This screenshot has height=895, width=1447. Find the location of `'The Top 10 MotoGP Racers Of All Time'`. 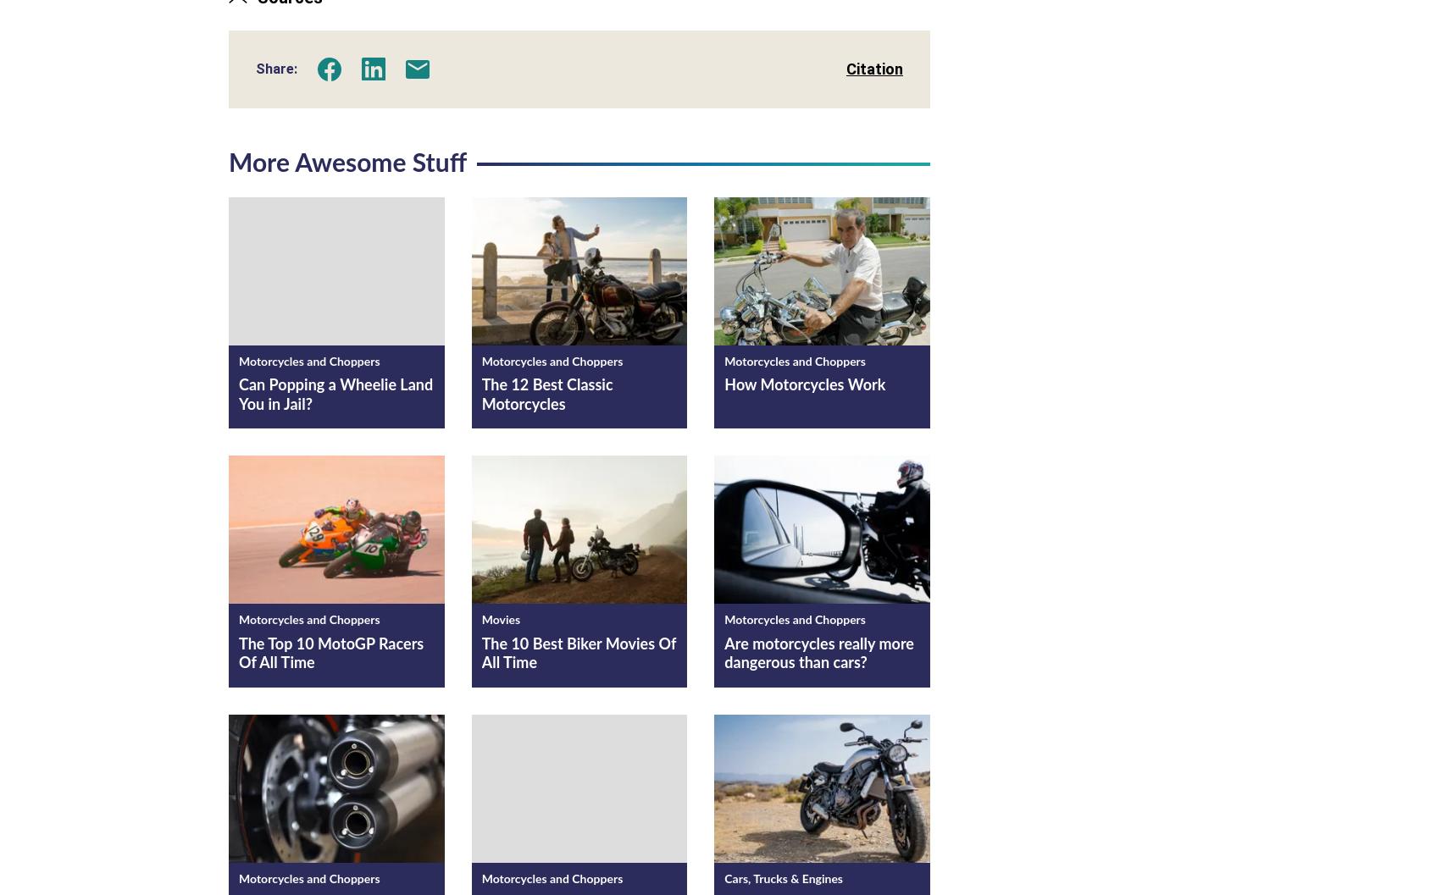

'The Top 10 MotoGP Racers Of All Time' is located at coordinates (330, 654).